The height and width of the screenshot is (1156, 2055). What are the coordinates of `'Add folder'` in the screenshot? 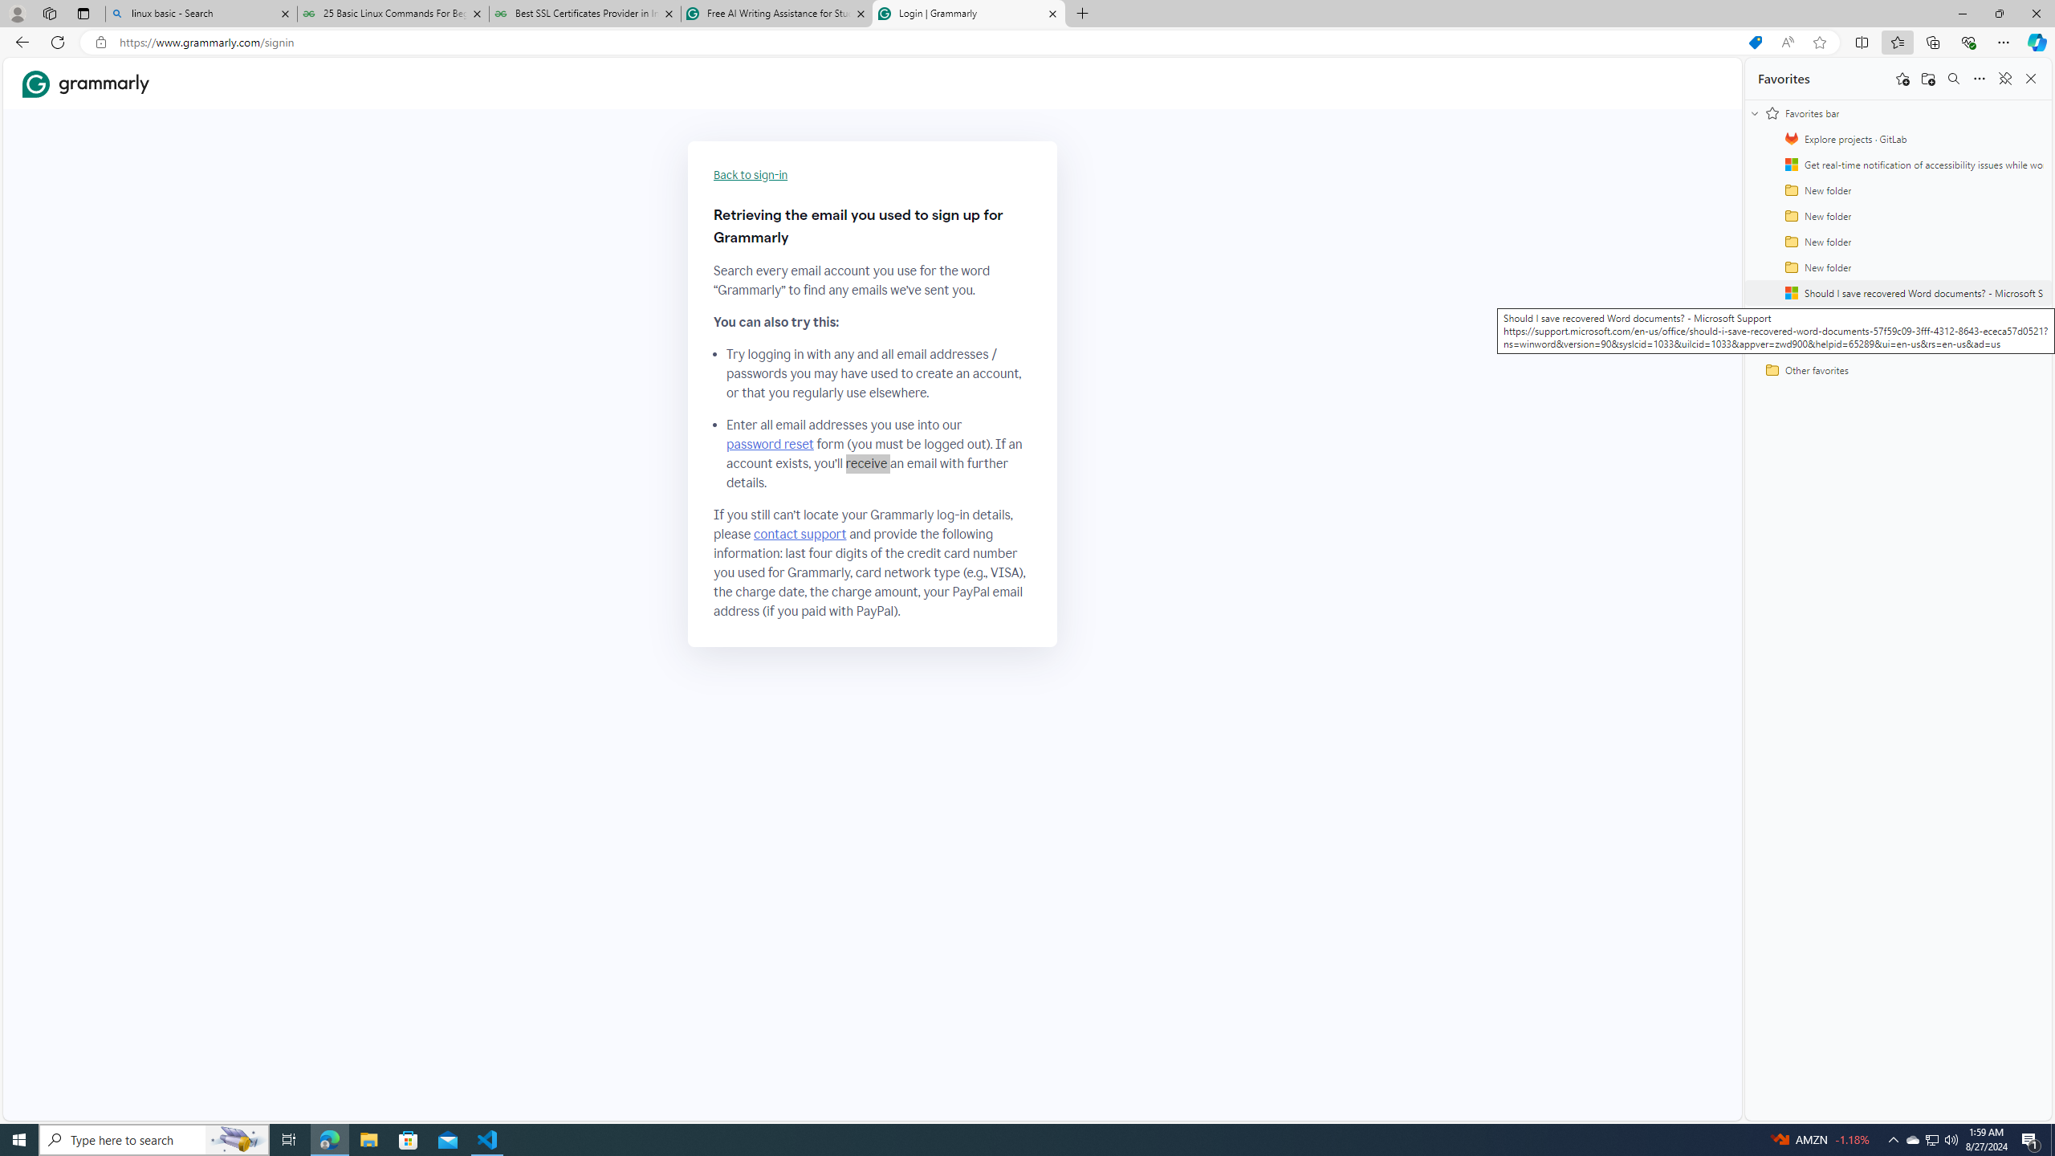 It's located at (1927, 77).